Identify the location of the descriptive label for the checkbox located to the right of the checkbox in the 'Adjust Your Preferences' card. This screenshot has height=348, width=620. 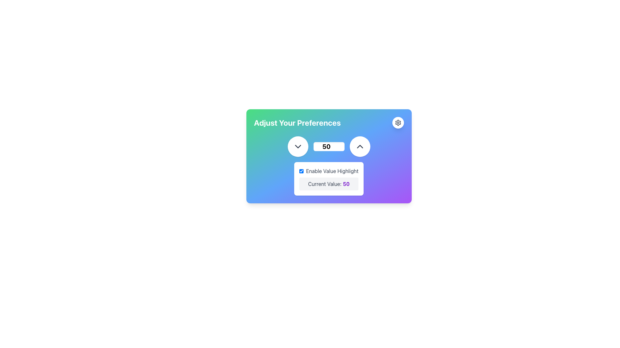
(332, 171).